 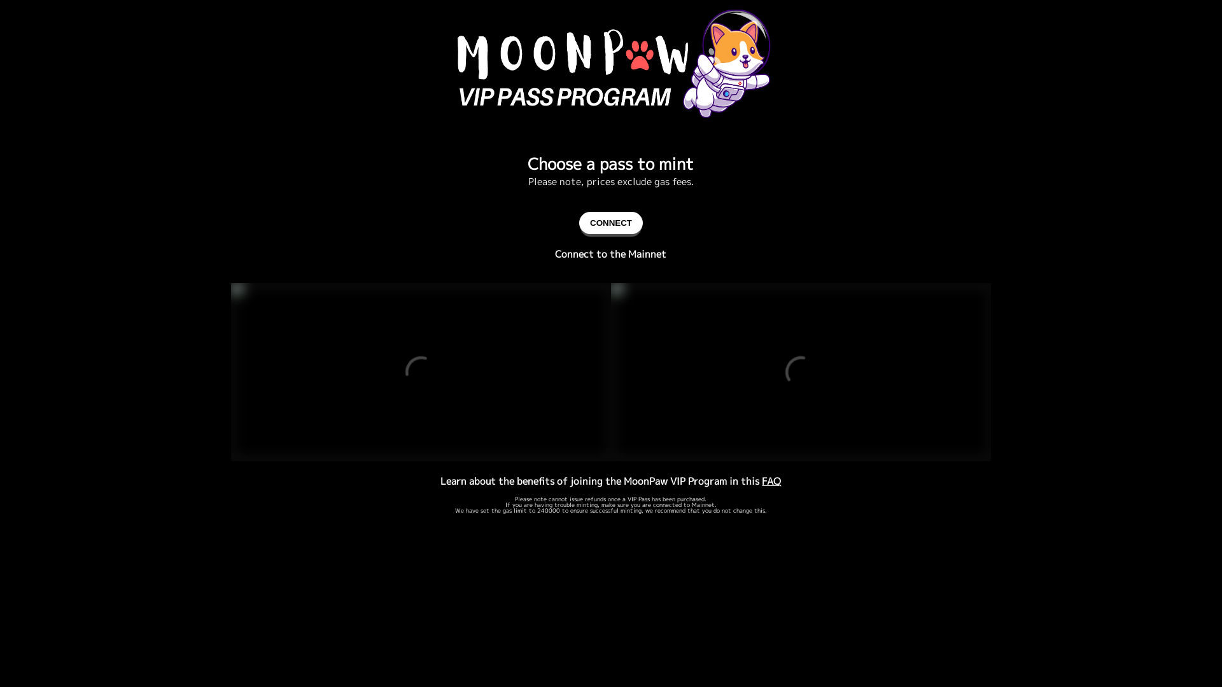 What do you see at coordinates (770, 481) in the screenshot?
I see `'FAQ'` at bounding box center [770, 481].